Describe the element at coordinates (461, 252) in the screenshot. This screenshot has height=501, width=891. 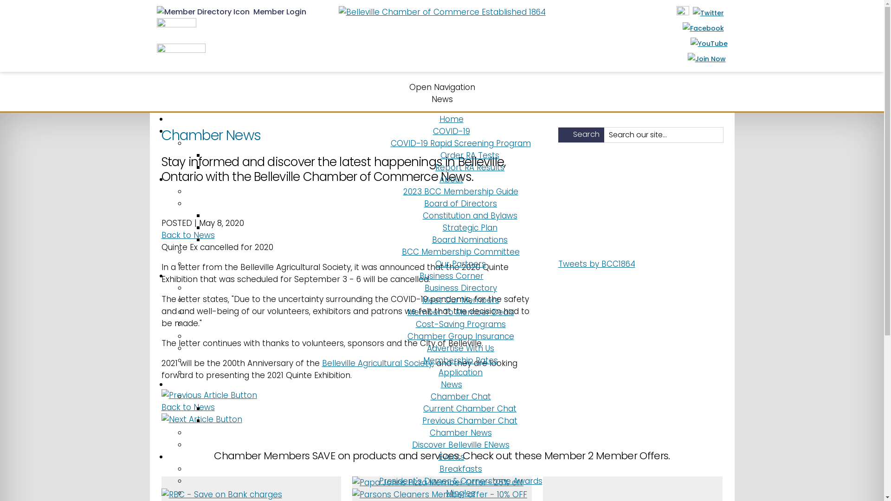
I see `'BCC Membership Committee'` at that location.